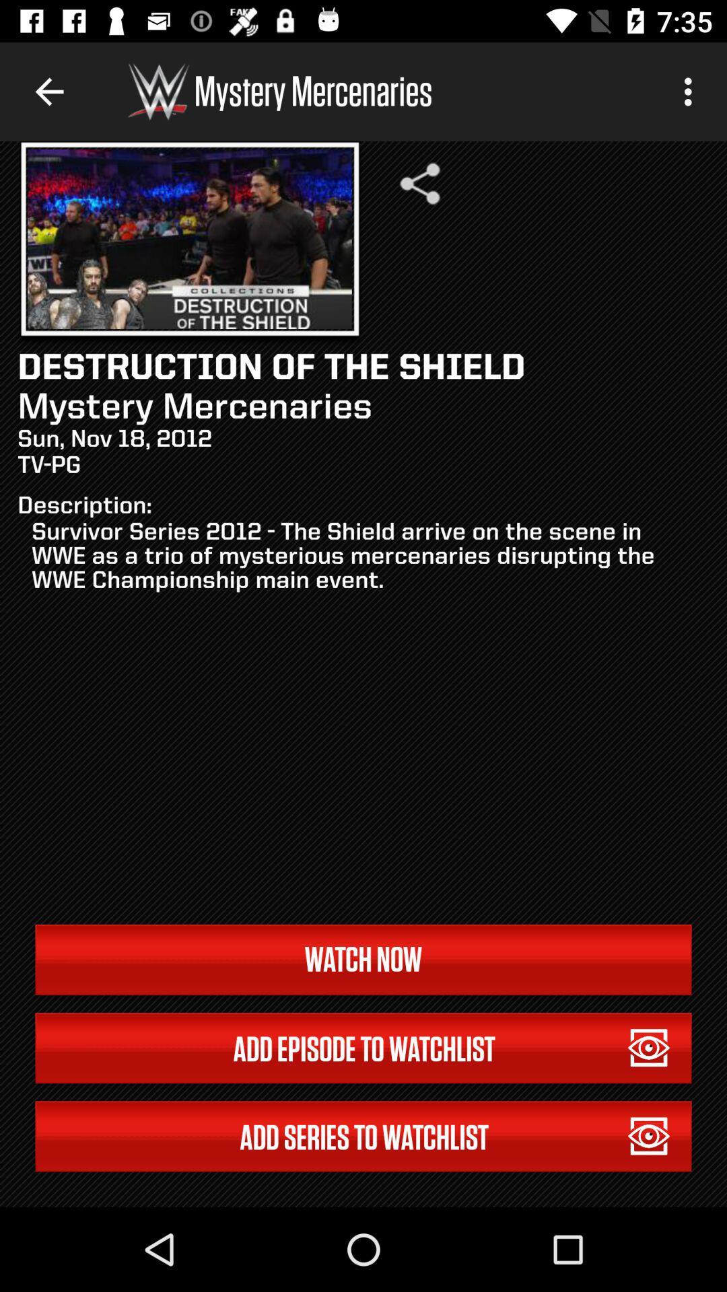 The image size is (727, 1292). I want to click on video sharing button, so click(419, 183).